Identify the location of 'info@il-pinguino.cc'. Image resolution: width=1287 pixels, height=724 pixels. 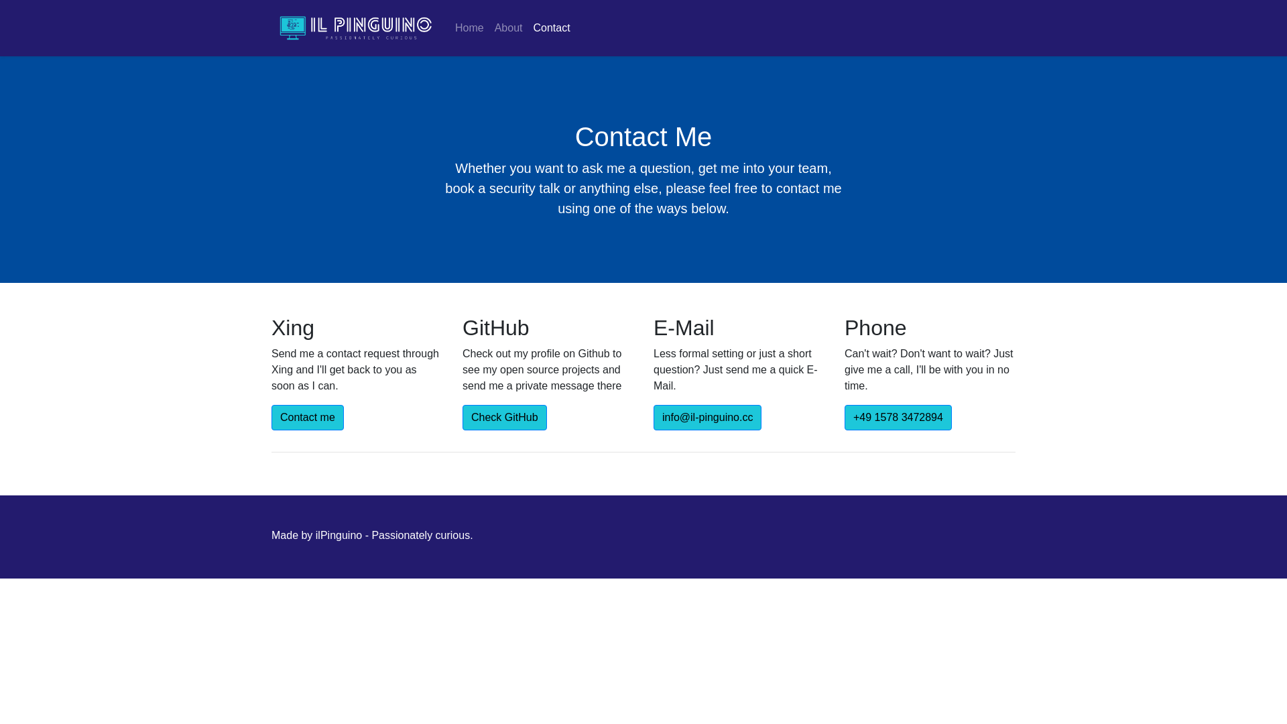
(707, 417).